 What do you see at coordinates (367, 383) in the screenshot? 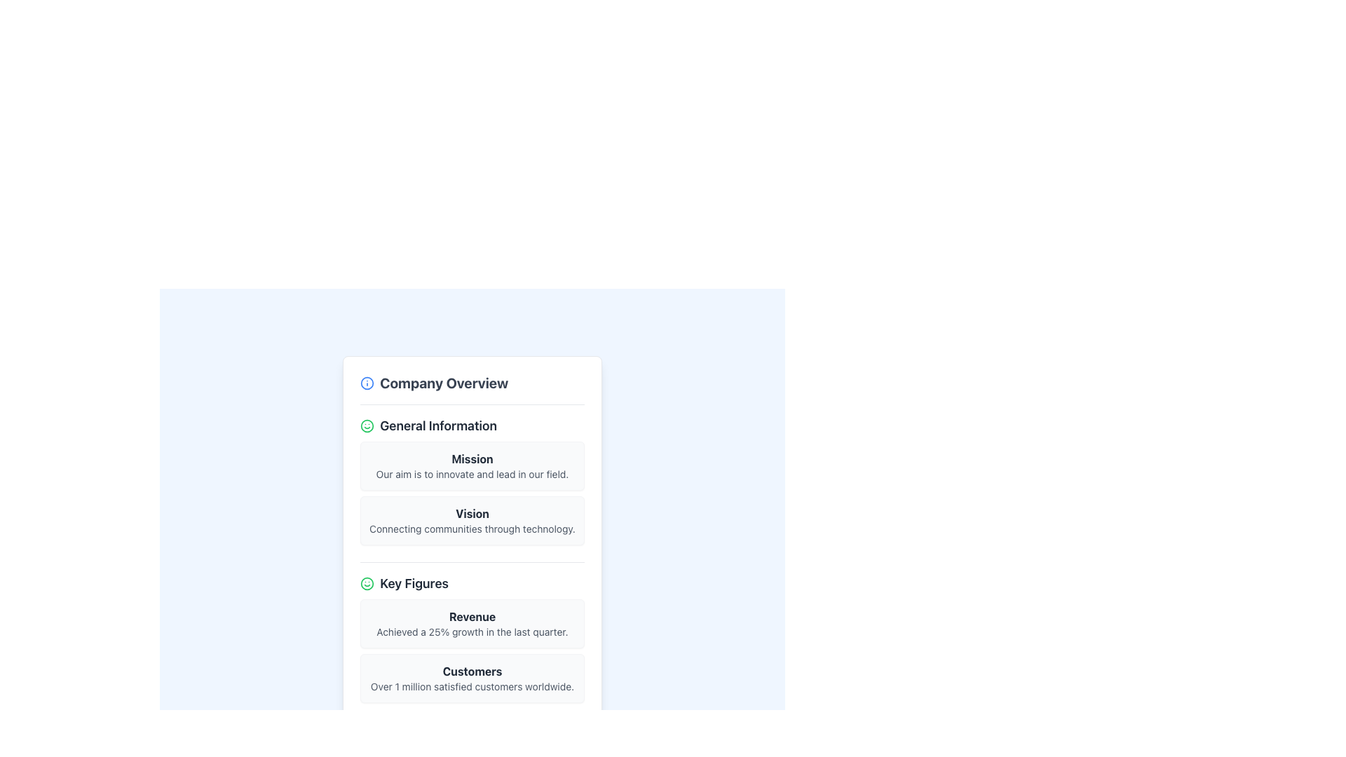
I see `the circular blue-bordered icon with an information symbol located on the far left of the 'Company Overview' section header for more information` at bounding box center [367, 383].